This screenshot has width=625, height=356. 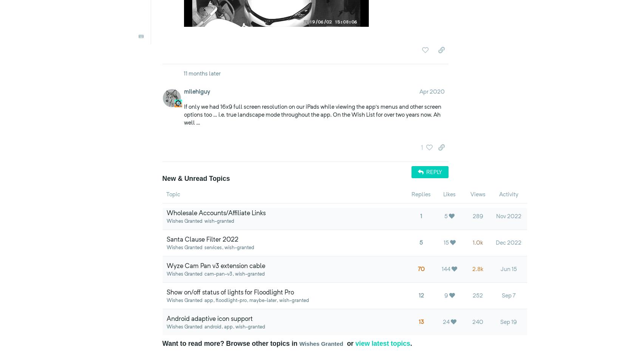 I want to click on '240', so click(x=478, y=322).